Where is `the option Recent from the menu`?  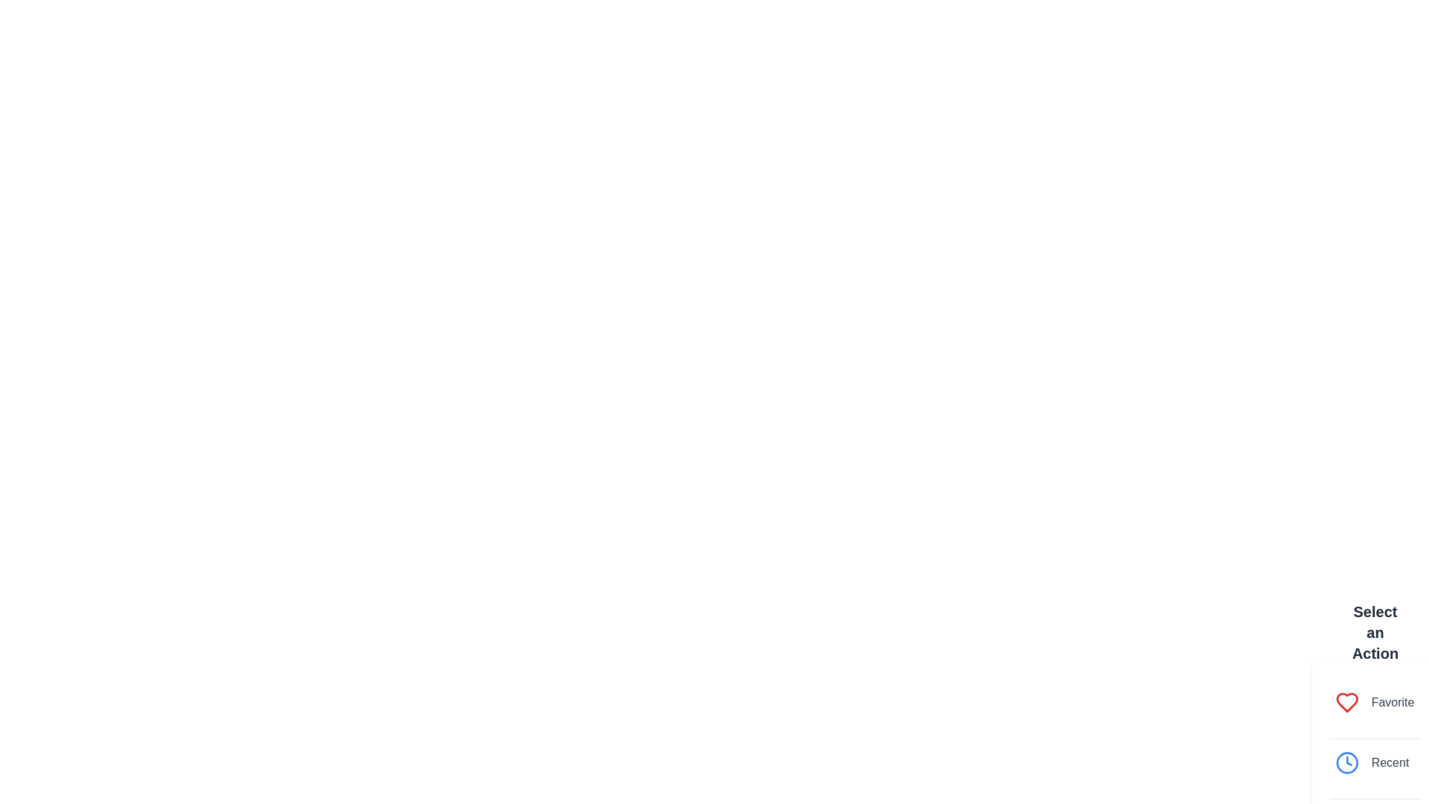
the option Recent from the menu is located at coordinates (1375, 762).